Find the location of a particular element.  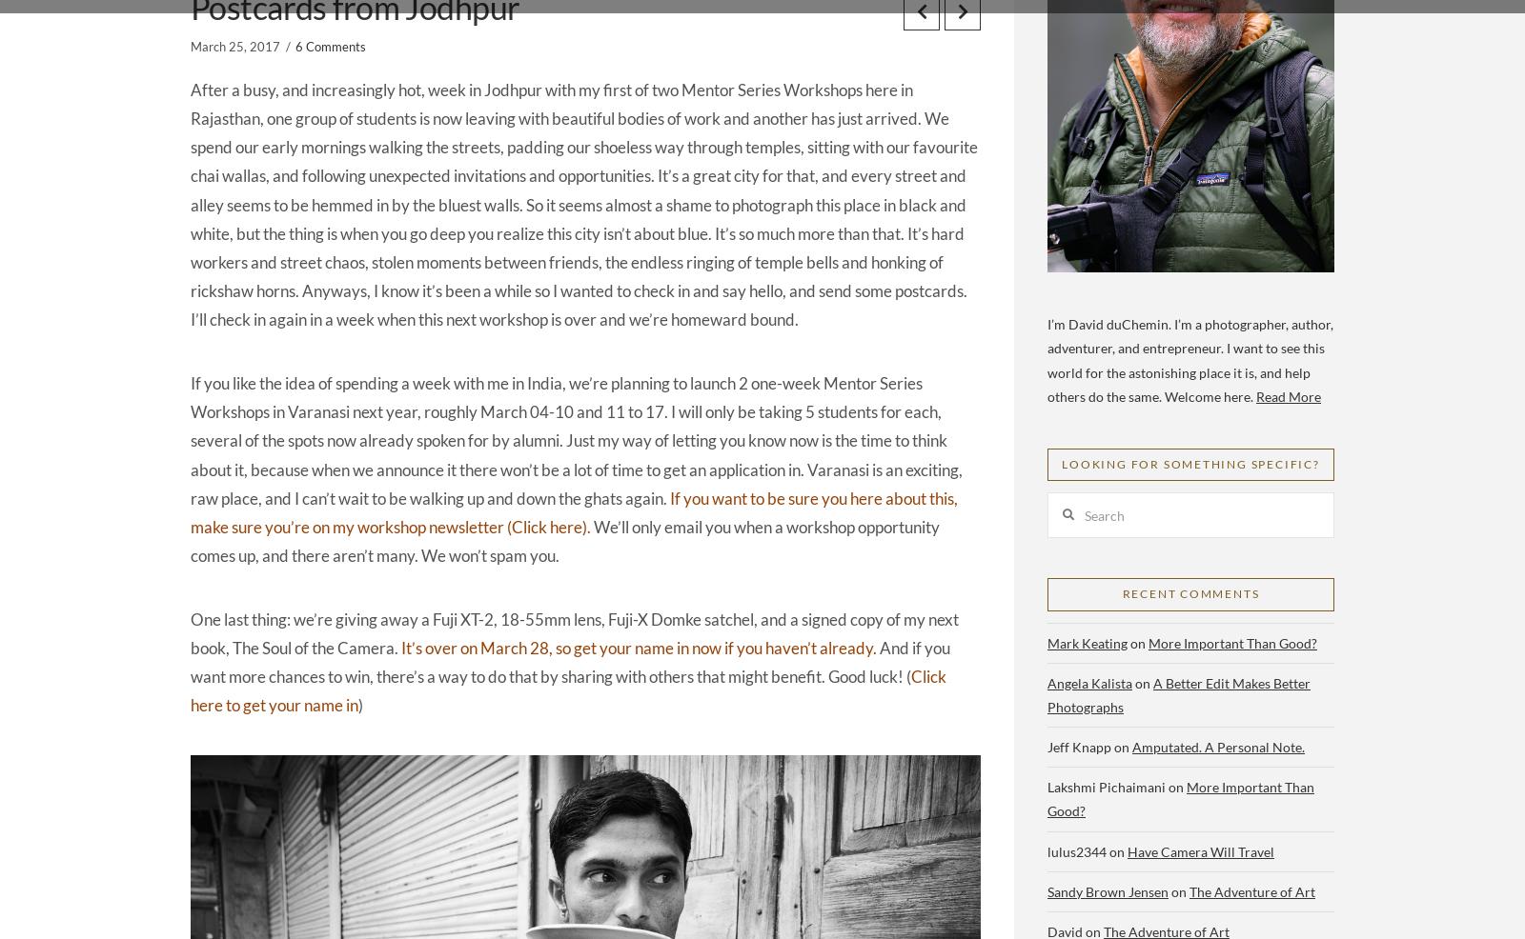

'If you want to be sure you here about this, make sure you’re on my workshop newsletter (Click here).' is located at coordinates (574, 510).